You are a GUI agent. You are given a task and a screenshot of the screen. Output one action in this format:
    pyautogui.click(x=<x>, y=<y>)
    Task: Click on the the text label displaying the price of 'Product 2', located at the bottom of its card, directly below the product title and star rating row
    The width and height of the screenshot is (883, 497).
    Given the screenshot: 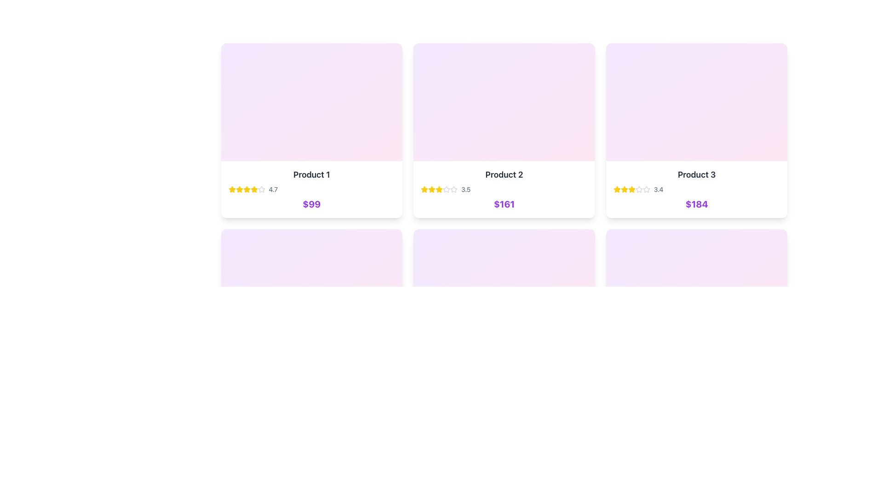 What is the action you would take?
    pyautogui.click(x=504, y=203)
    